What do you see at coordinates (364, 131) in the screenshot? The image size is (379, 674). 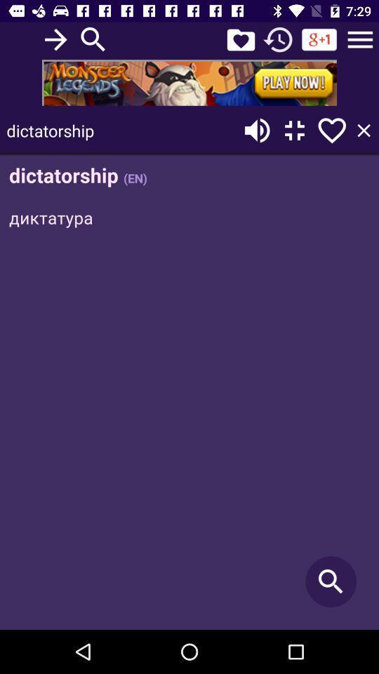 I see `the close icon` at bounding box center [364, 131].